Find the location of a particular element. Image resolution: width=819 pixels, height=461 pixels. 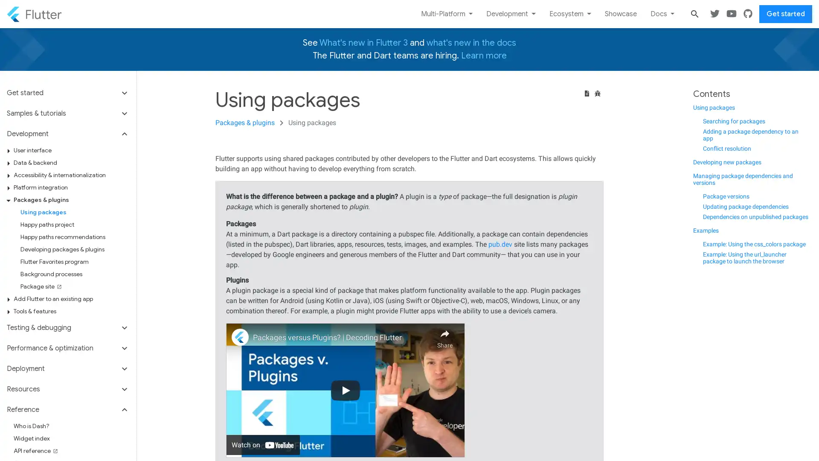

arrow_drop_down Accessibility & internationalization is located at coordinates (71, 175).